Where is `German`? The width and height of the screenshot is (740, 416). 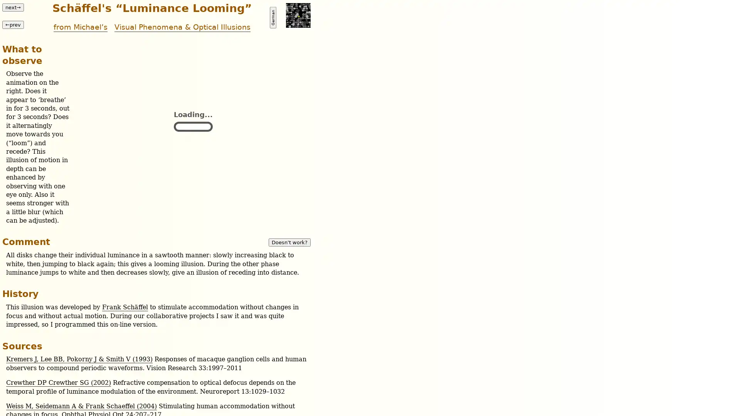 German is located at coordinates (273, 17).